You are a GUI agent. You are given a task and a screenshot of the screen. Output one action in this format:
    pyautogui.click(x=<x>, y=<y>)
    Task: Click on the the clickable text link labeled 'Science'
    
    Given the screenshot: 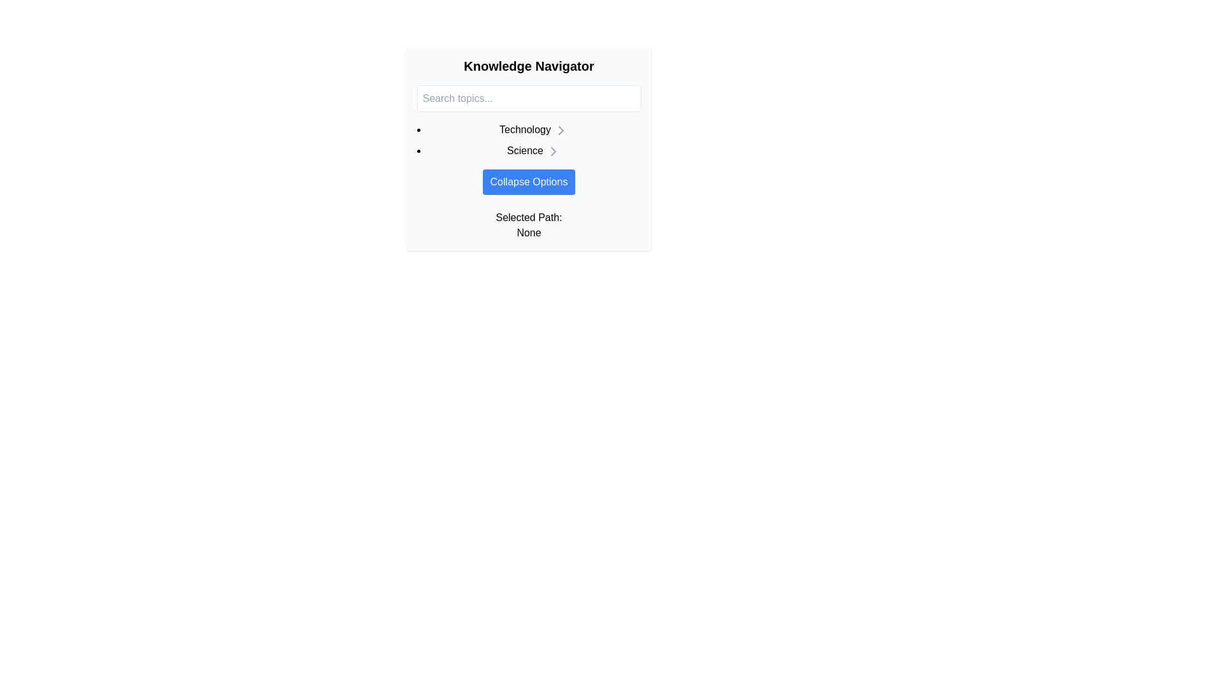 What is the action you would take?
    pyautogui.click(x=534, y=150)
    